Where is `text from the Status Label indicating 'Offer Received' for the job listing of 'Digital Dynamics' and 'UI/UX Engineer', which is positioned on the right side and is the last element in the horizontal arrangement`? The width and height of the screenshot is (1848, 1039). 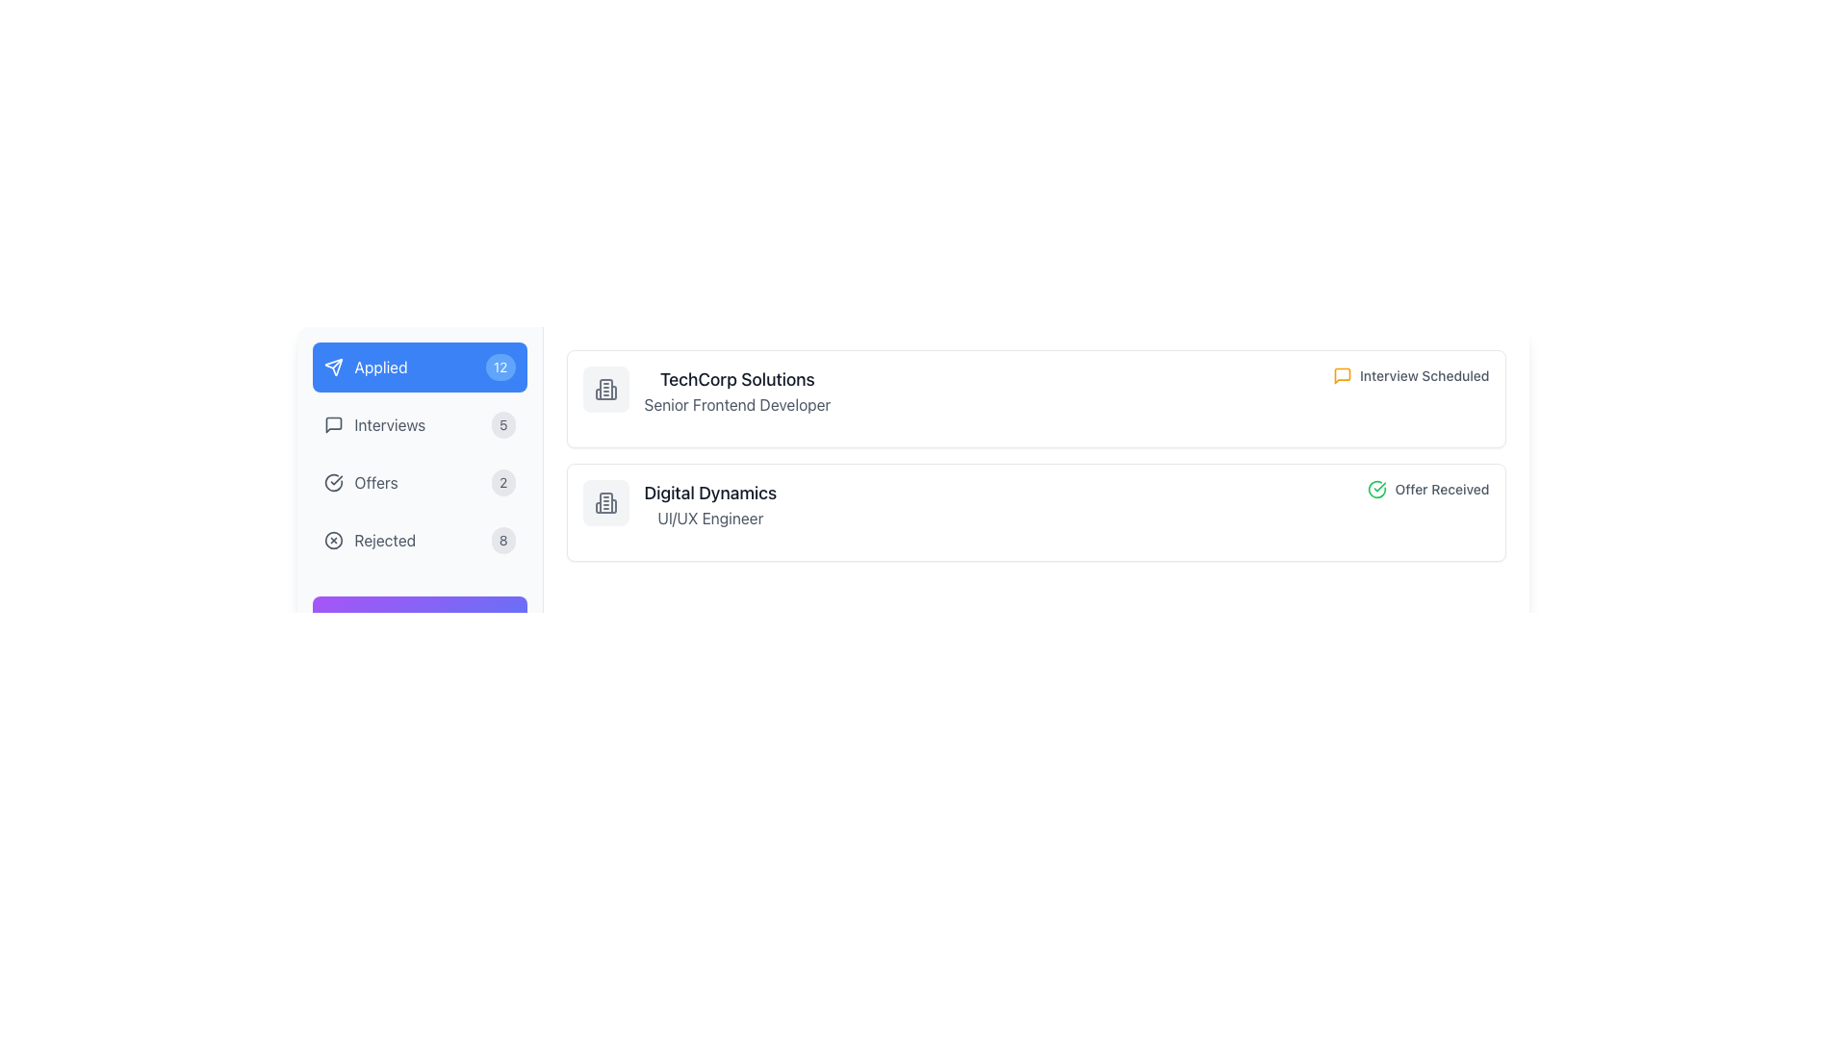
text from the Status Label indicating 'Offer Received' for the job listing of 'Digital Dynamics' and 'UI/UX Engineer', which is positioned on the right side and is the last element in the horizontal arrangement is located at coordinates (1428, 489).